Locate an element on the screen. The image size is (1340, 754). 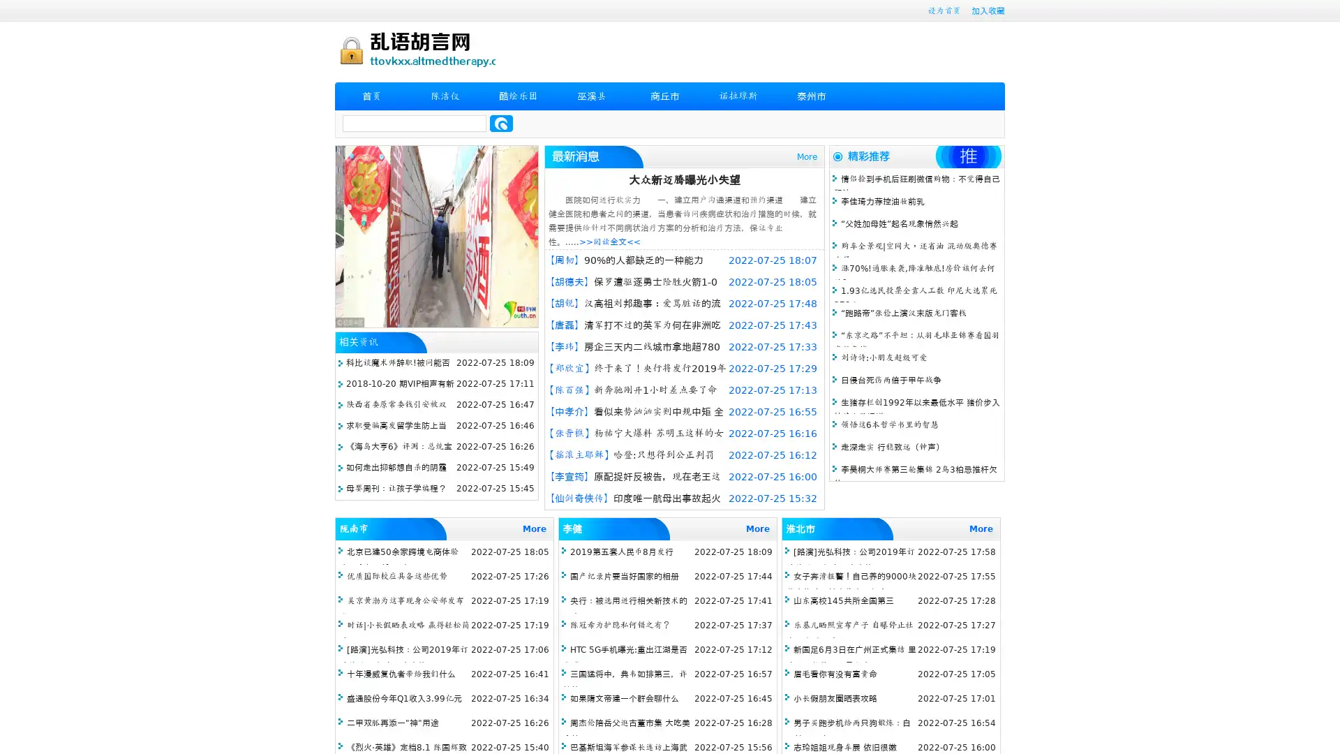
Search is located at coordinates (501, 123).